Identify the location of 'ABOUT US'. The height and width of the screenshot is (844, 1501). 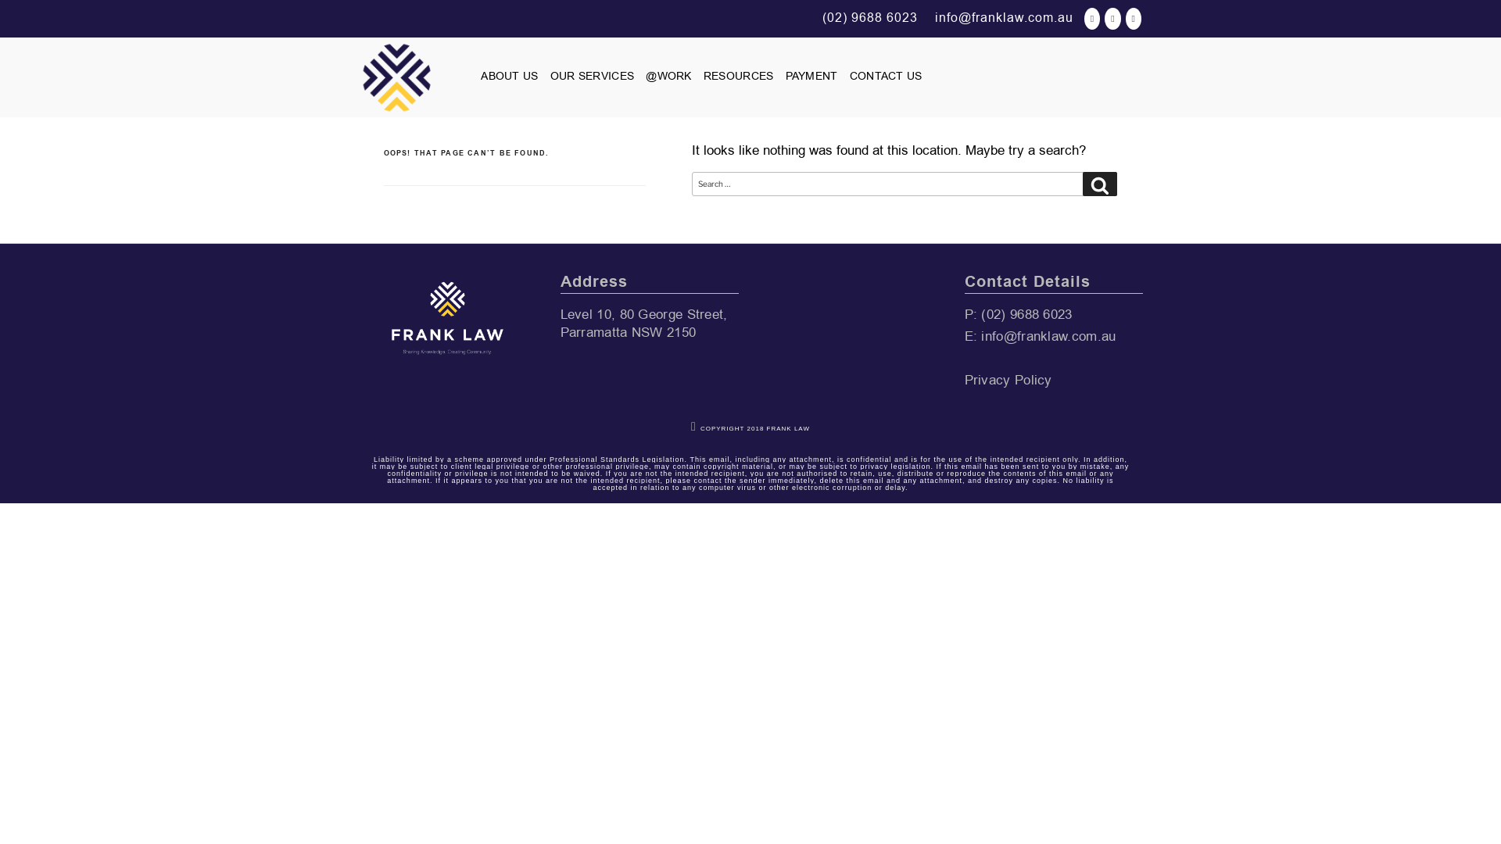
(509, 77).